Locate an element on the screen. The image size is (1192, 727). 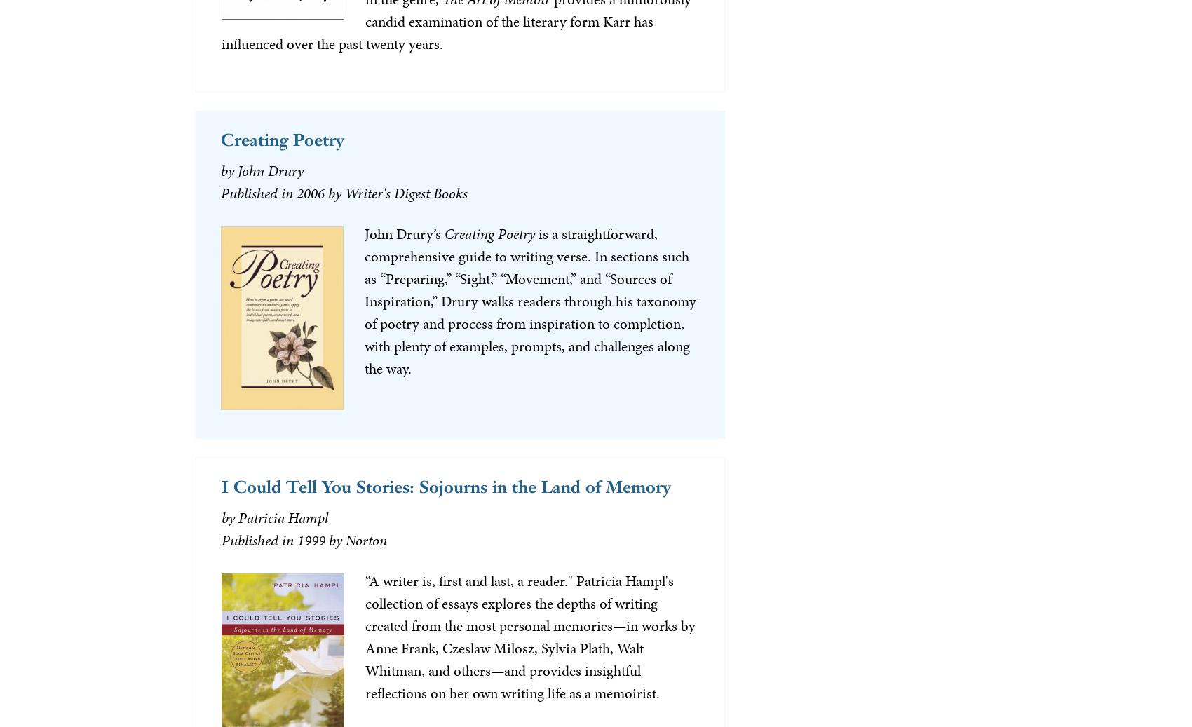
'John Drury' is located at coordinates (236, 169).